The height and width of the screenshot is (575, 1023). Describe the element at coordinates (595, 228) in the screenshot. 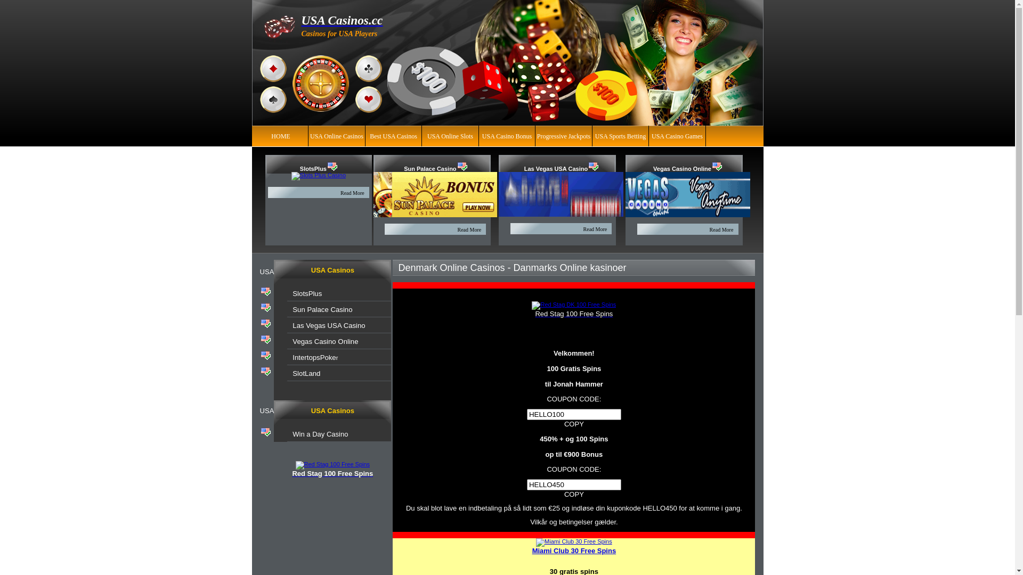

I see `'Read More'` at that location.